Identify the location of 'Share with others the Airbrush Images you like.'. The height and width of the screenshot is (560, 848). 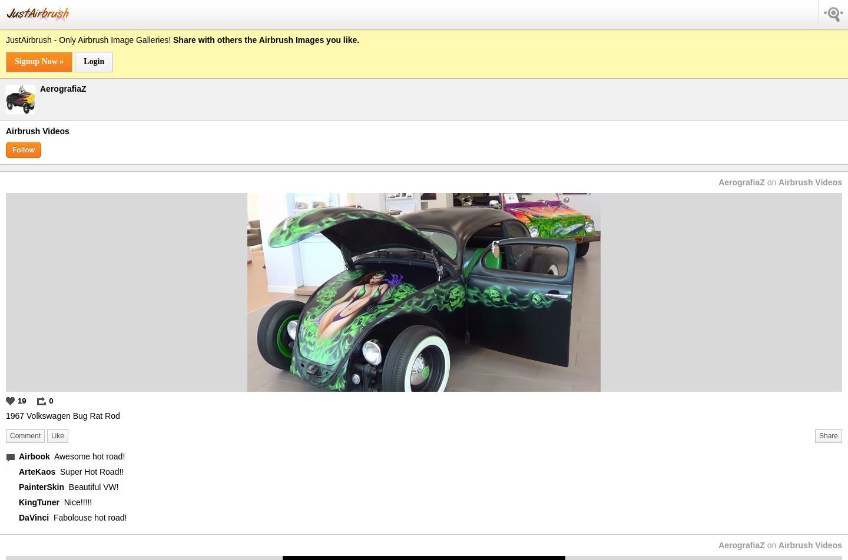
(266, 39).